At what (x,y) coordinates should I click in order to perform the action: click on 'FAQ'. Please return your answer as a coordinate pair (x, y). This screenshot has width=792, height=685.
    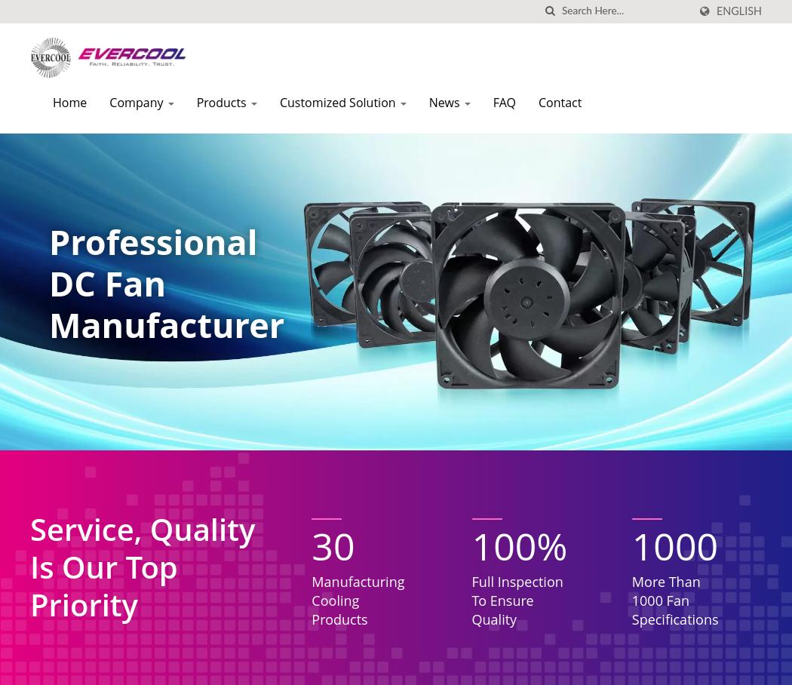
    Looking at the image, I should click on (491, 103).